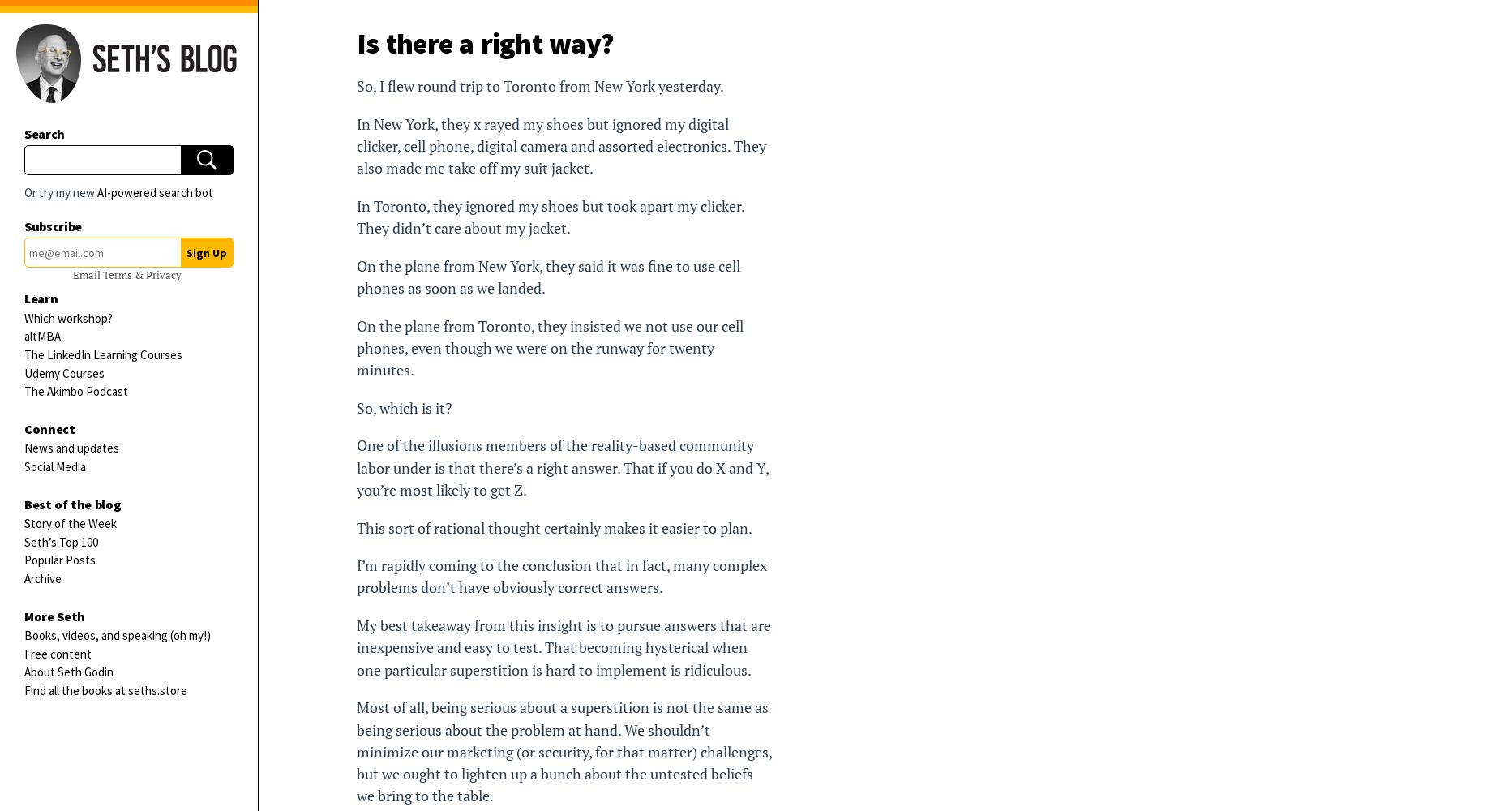 The height and width of the screenshot is (811, 1500). What do you see at coordinates (23, 671) in the screenshot?
I see `'About Seth Godin'` at bounding box center [23, 671].